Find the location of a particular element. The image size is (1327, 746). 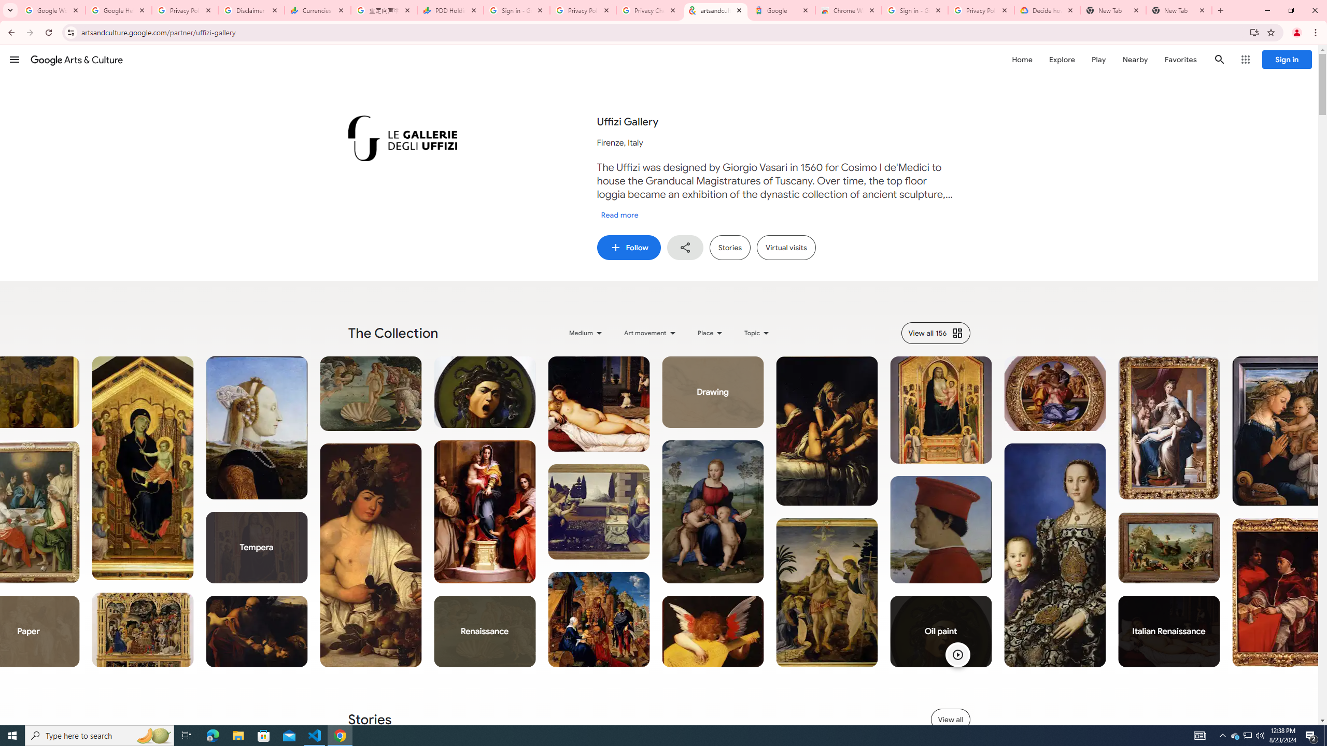

'Install Google Arts & Culture' is located at coordinates (1254, 32).